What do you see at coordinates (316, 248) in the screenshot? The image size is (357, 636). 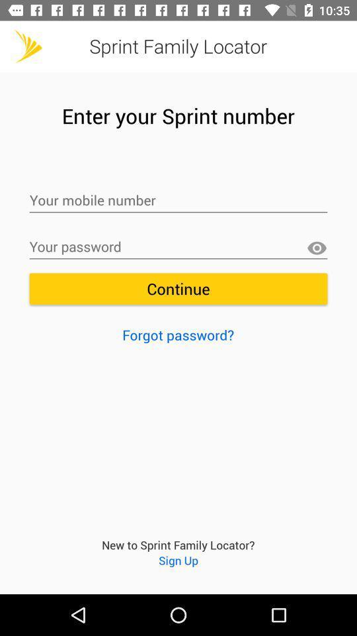 I see `show password` at bounding box center [316, 248].